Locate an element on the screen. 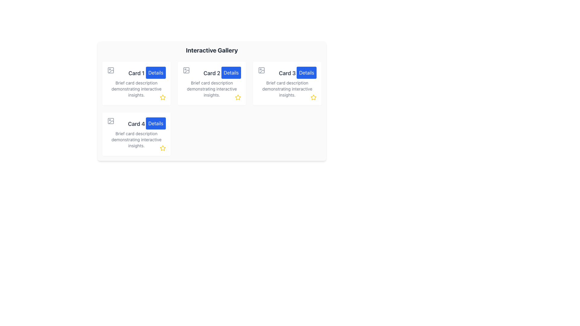  the text label displaying 'Card 4', which is bold and dark gray, located in the upper section of the leftmost card in the second row is located at coordinates (136, 124).